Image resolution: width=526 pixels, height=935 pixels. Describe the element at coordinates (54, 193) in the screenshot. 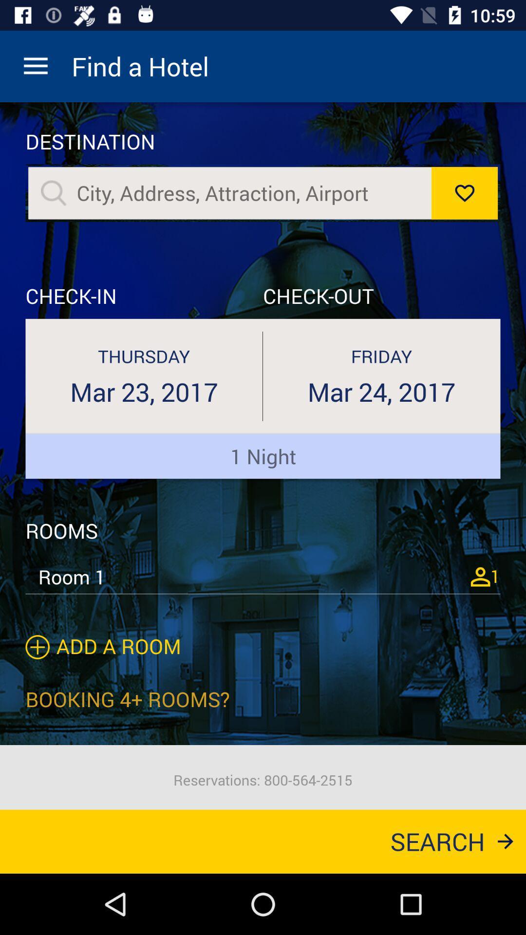

I see `sarche` at that location.